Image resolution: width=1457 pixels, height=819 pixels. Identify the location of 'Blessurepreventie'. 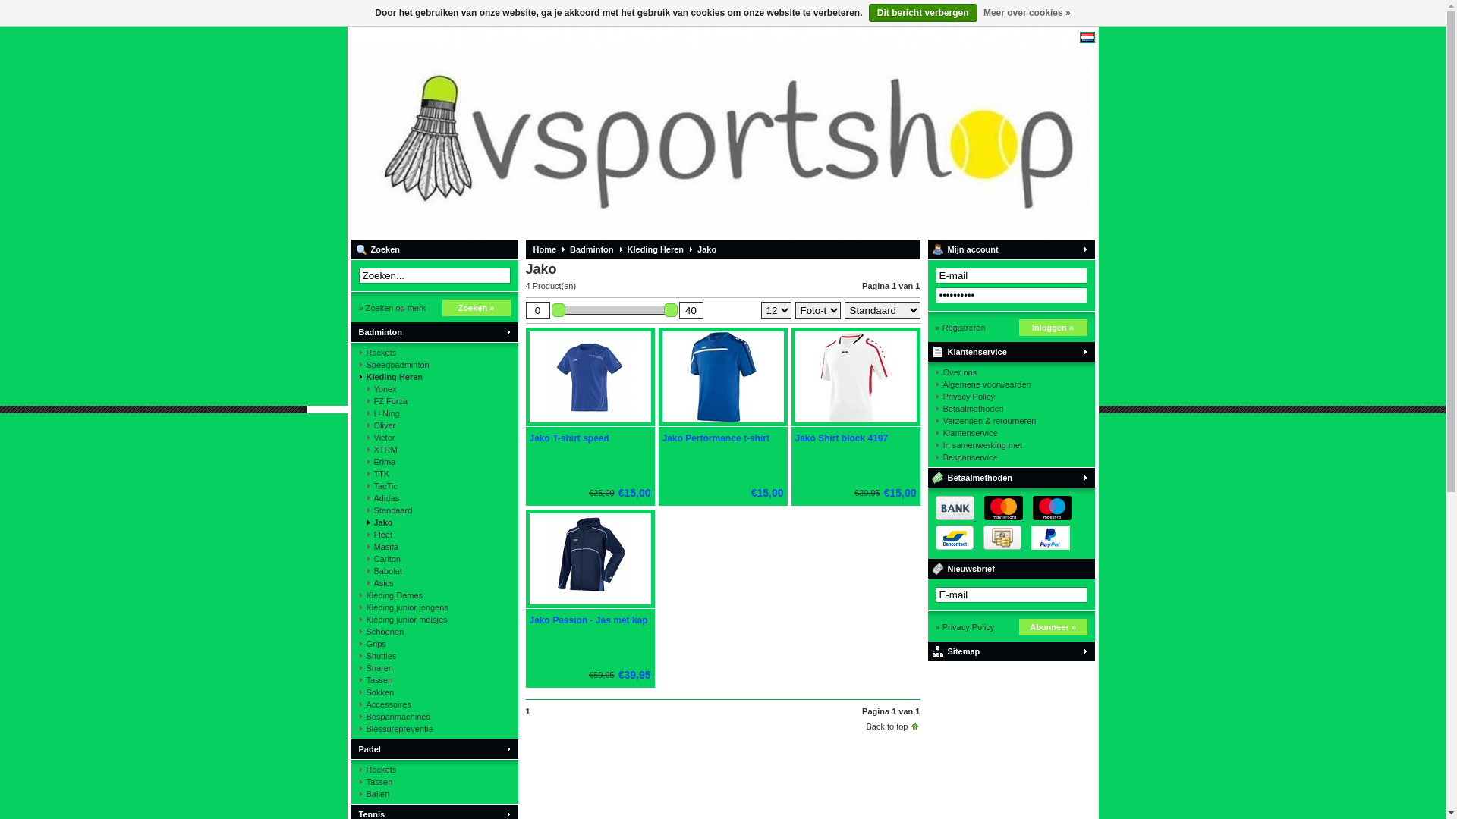
(433, 727).